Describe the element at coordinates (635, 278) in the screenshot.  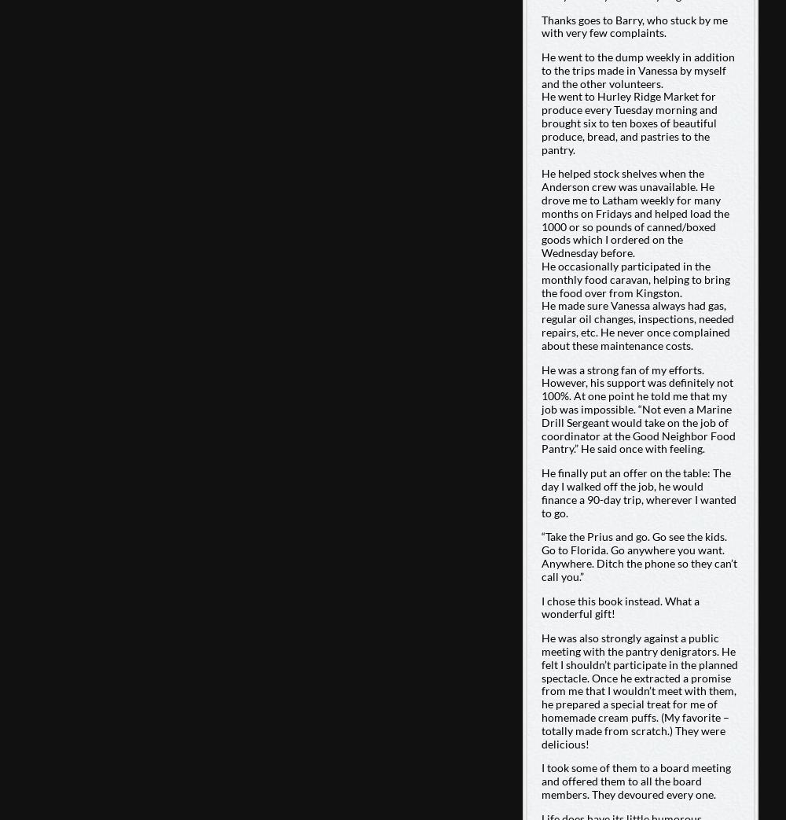
I see `'He occasionally participated in the monthly food caravan, helping to bring the food over from Kingston.'` at that location.